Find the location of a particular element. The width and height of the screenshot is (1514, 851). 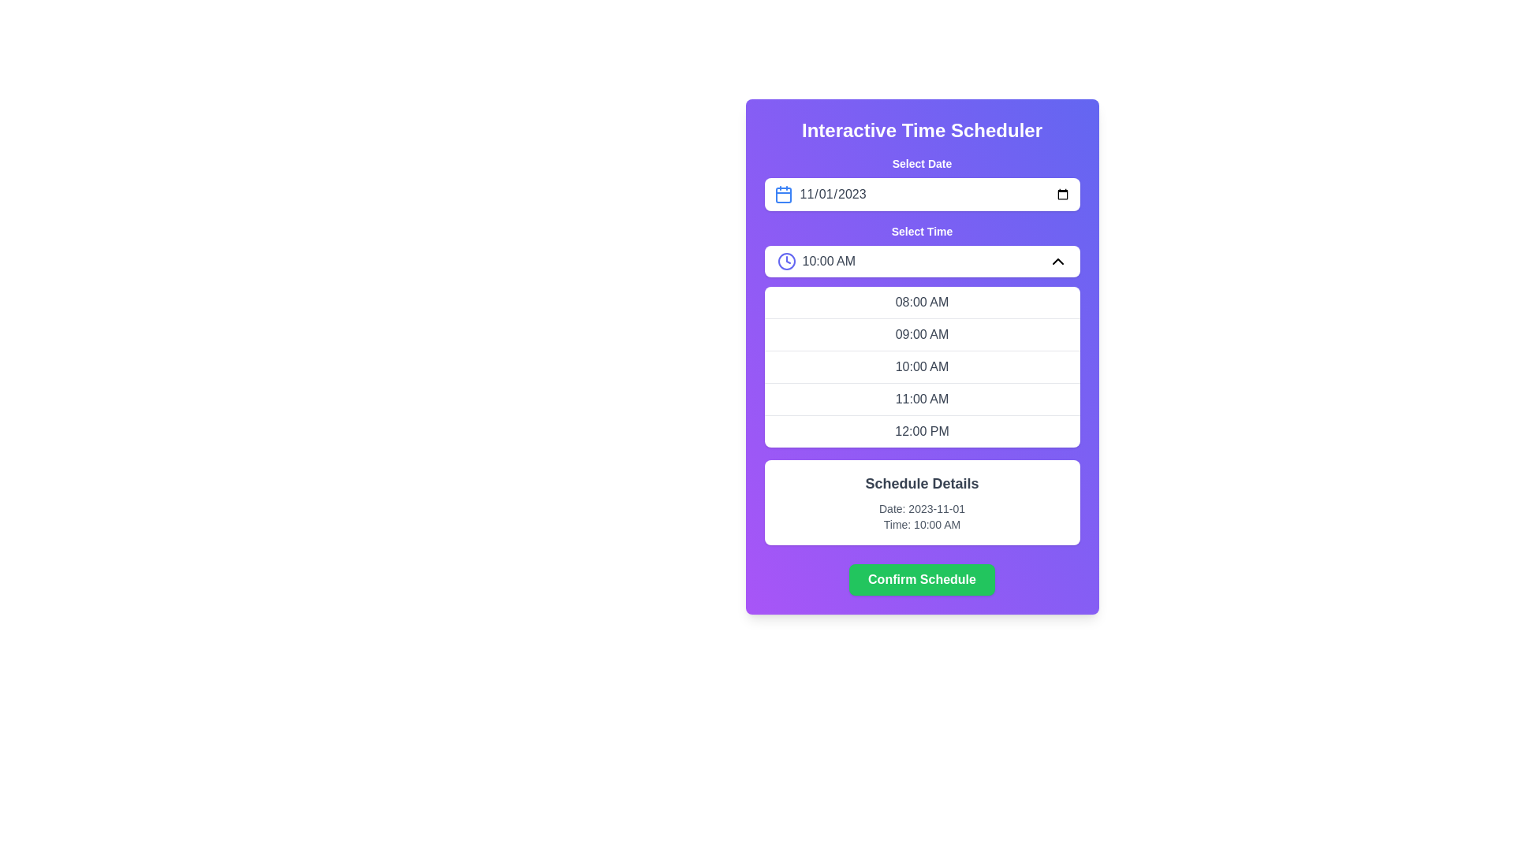

the clock icon, which features a minimalistic indigo line-art design with hands indicating the time, located to the left of the text '10:00 AM' in the 'Select Time' section is located at coordinates (786, 260).